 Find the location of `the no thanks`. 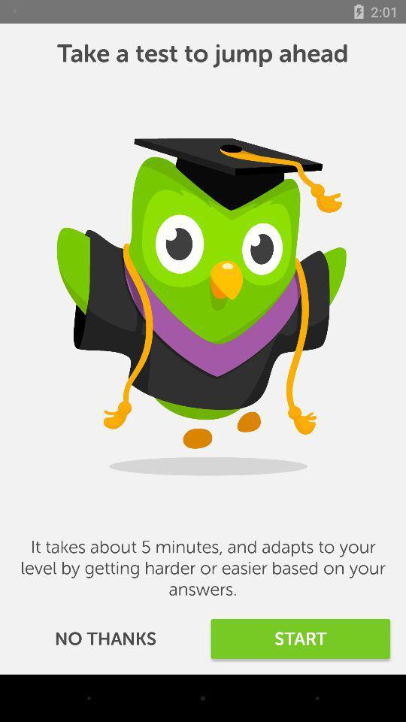

the no thanks is located at coordinates (105, 638).